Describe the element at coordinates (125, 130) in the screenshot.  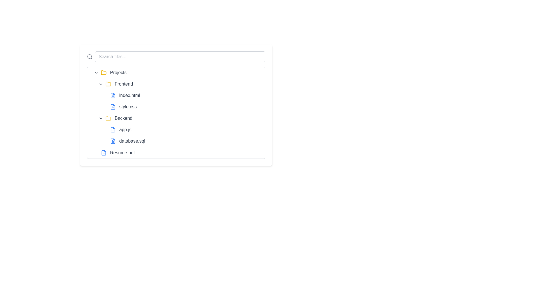
I see `the text label displaying the name 'app.js' located in the file explorer under the 'Backend' folder to focus or select it` at that location.